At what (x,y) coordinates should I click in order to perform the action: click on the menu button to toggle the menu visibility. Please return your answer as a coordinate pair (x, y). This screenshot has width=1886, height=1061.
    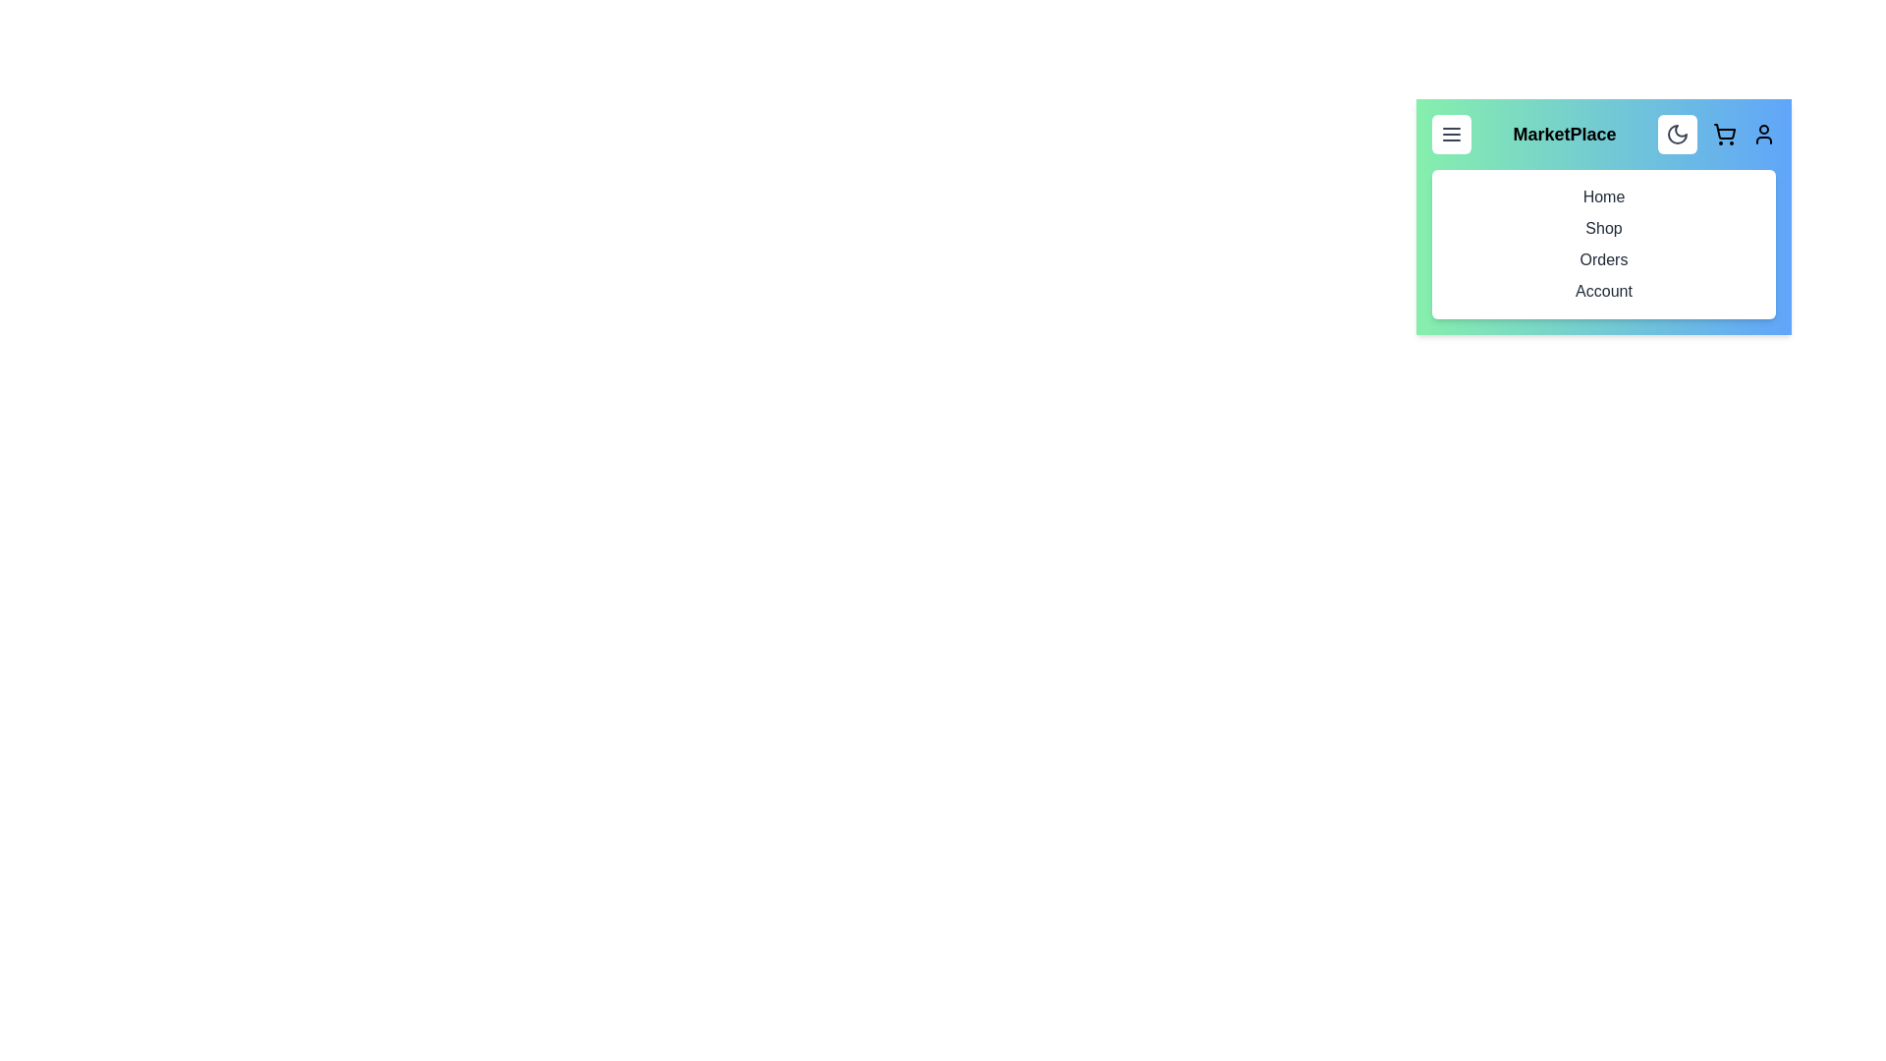
    Looking at the image, I should click on (1452, 134).